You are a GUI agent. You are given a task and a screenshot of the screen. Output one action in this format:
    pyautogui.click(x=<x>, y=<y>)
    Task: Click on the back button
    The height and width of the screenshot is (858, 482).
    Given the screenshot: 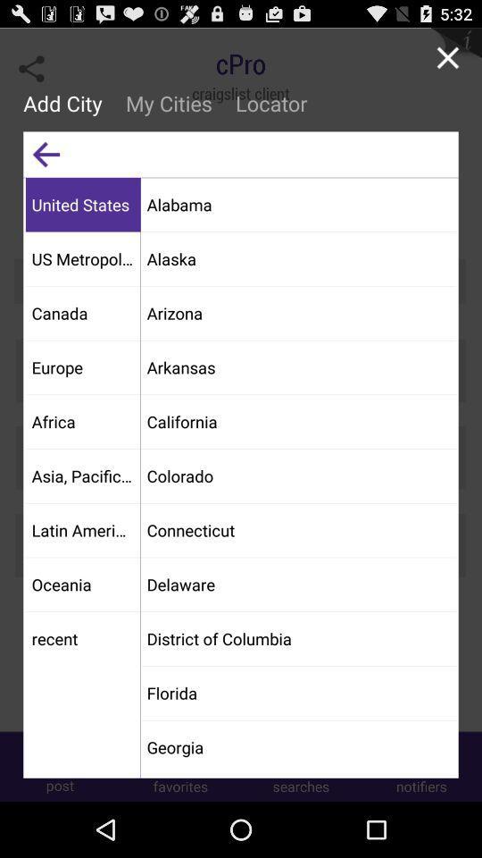 What is the action you would take?
    pyautogui.click(x=46, y=153)
    